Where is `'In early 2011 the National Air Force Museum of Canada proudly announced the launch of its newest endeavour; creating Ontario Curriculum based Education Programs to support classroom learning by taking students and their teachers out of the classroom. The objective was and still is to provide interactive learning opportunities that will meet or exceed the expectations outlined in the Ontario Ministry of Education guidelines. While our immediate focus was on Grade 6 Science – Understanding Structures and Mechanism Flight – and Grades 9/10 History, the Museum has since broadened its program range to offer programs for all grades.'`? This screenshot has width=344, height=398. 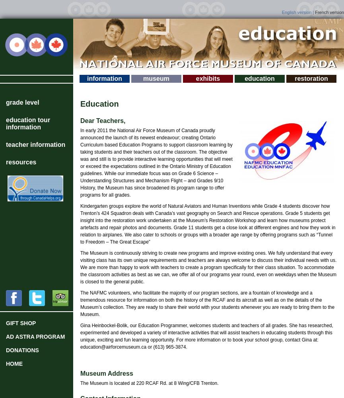
'In early 2011 the National Air Force Museum of Canada proudly announced the launch of its newest endeavour; creating Ontario Curriculum based Education Programs to support classroom learning by taking students and their teachers out of the classroom. The objective was and still is to provide interactive learning opportunities that will meet or exceed the expectations outlined in the Ontario Ministry of Education guidelines. While our immediate focus was on Grade 6 Science – Understanding Structures and Mechanism Flight – and Grades 9/10 History, the Museum has since broadened its program range to offer programs for all grades.' is located at coordinates (80, 163).